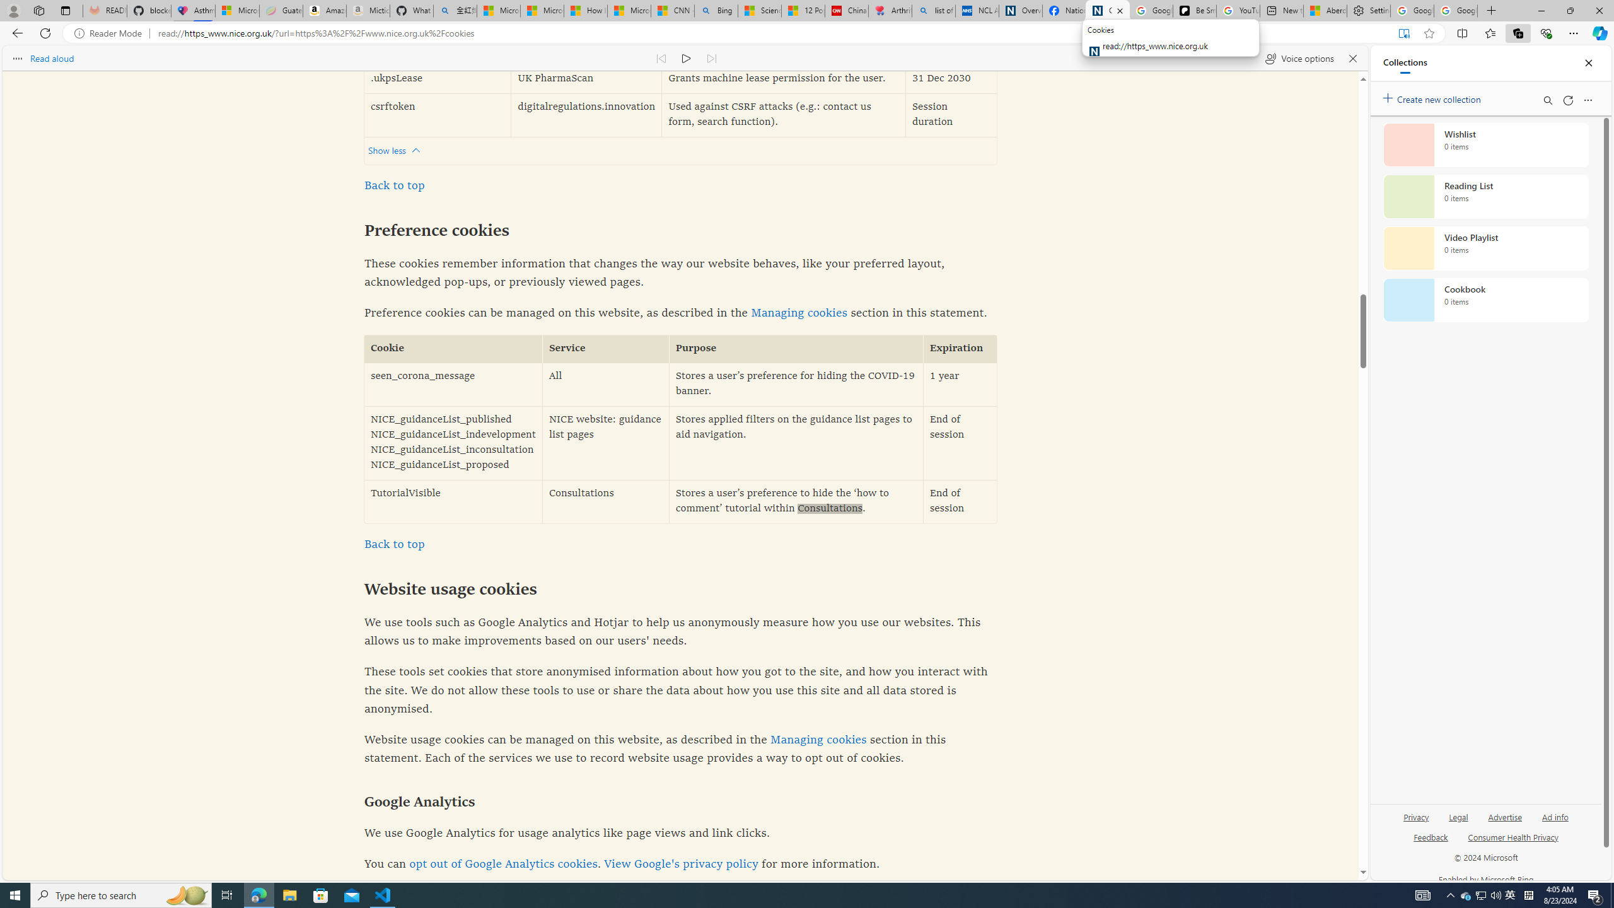  Describe the element at coordinates (681, 864) in the screenshot. I see `'View Google'` at that location.